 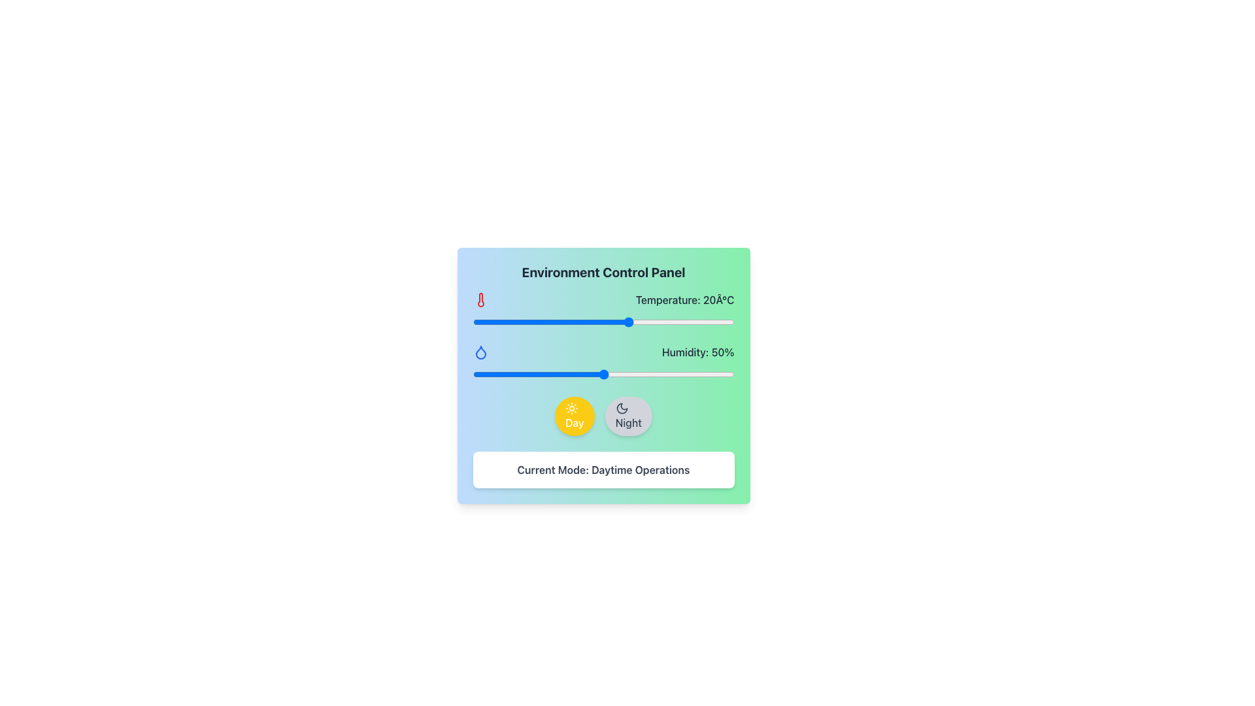 I want to click on the slider handle in the 'Humidity' section, located below the text 'Humidity: 50%', so click(x=603, y=375).